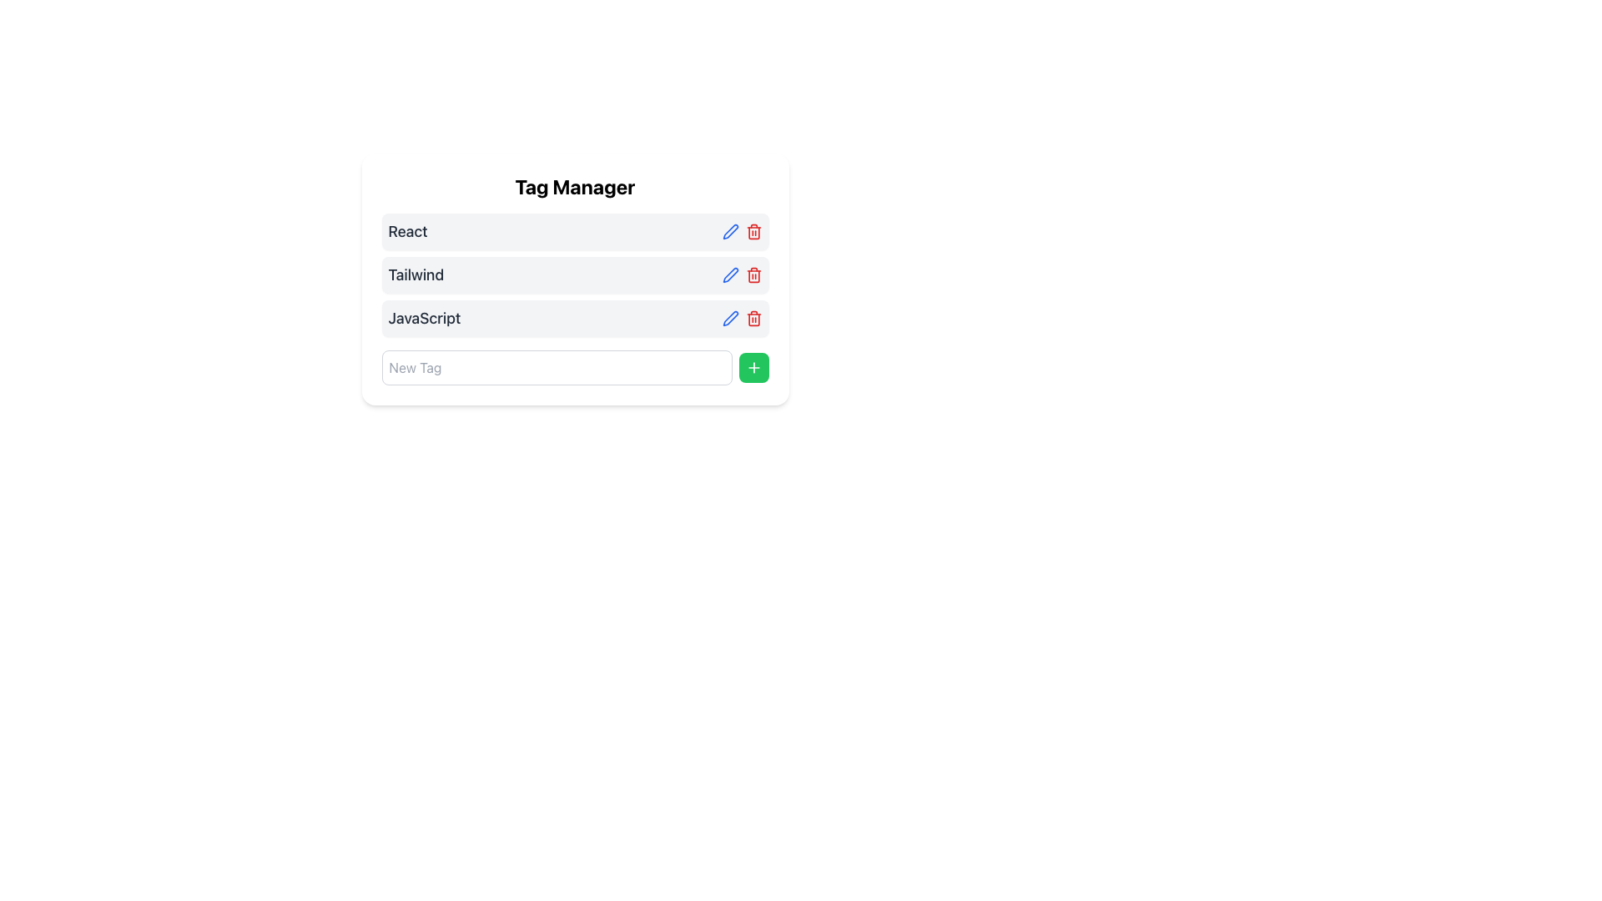  What do you see at coordinates (741, 231) in the screenshot?
I see `the delete button (trash bin icon) located in the rightmost section of the row labeled 'React'` at bounding box center [741, 231].